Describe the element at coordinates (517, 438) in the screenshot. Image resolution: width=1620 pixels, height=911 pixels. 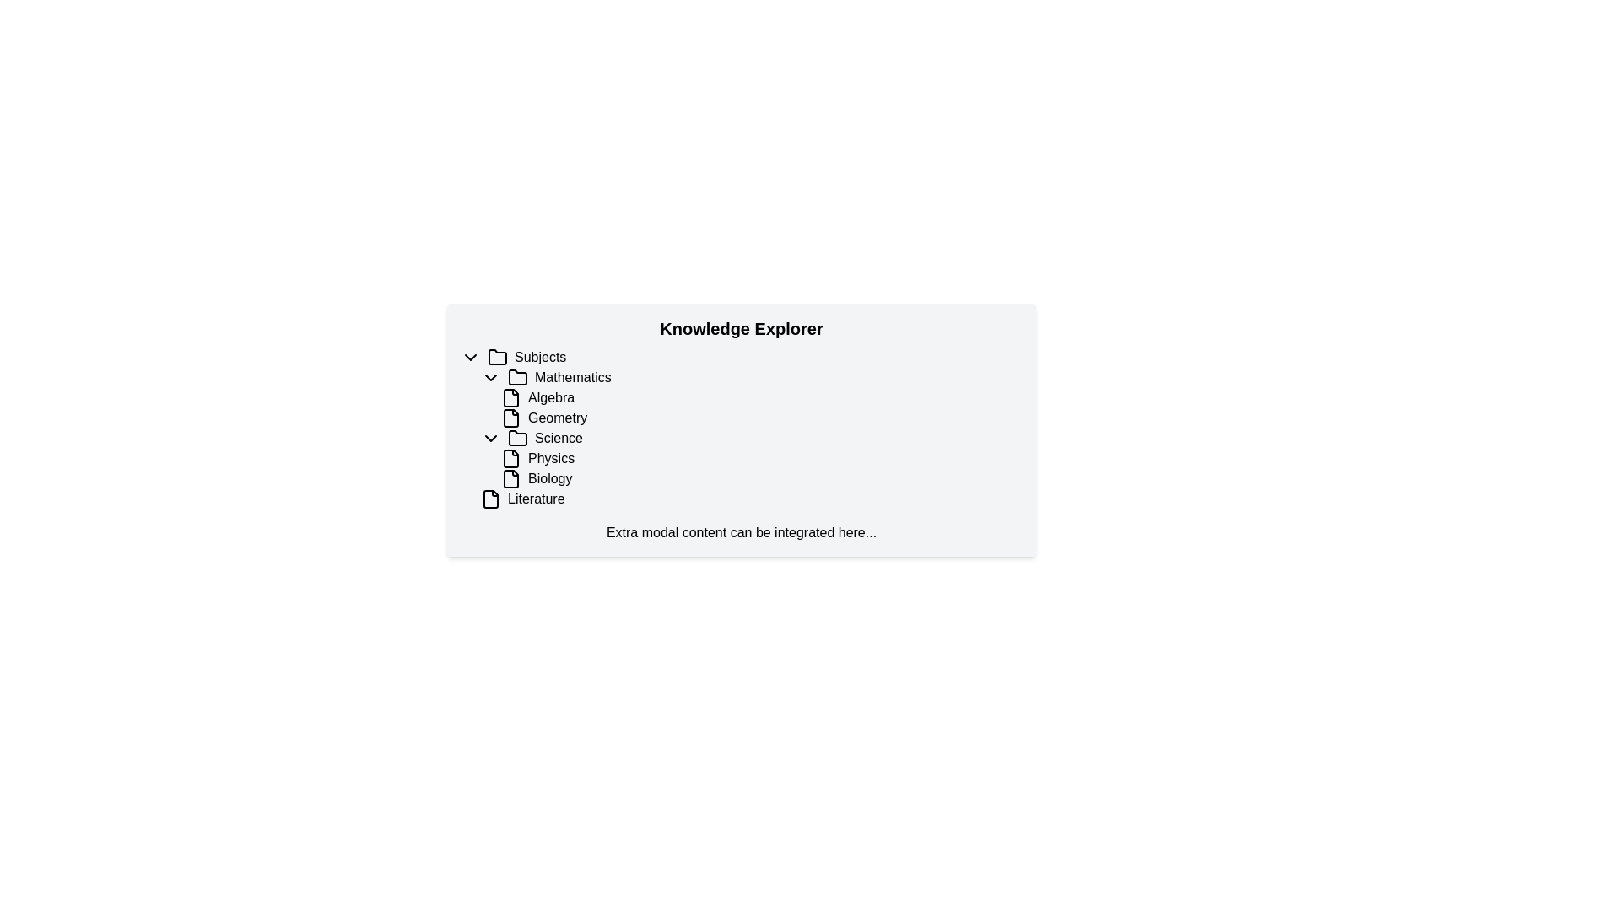
I see `the SVG Folder Icon representing the 'Science' section, located to the left of the 'Science' text label` at that location.